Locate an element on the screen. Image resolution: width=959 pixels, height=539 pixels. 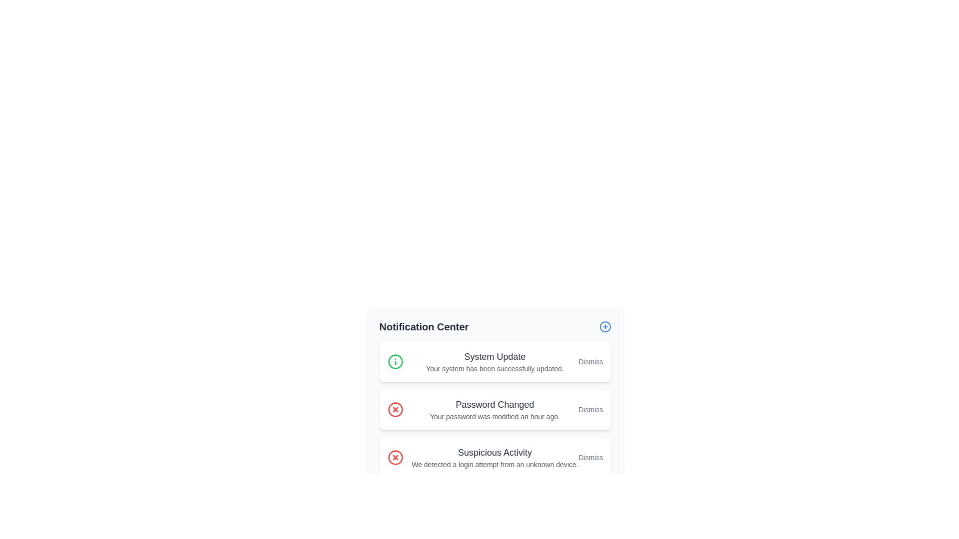
the second notification card in the Notification Center is located at coordinates (495, 398).